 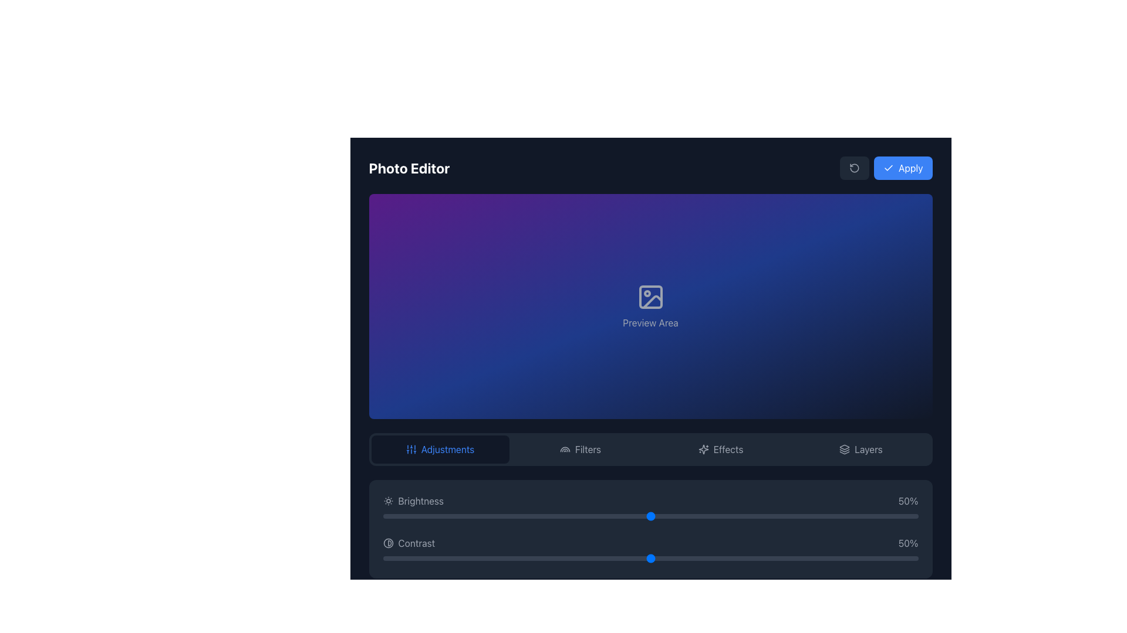 I want to click on the icon resembling an image with a mountain and a circle, which is centrally located within the blue-purple gradient area labeled as 'Preview Area', so click(x=650, y=296).